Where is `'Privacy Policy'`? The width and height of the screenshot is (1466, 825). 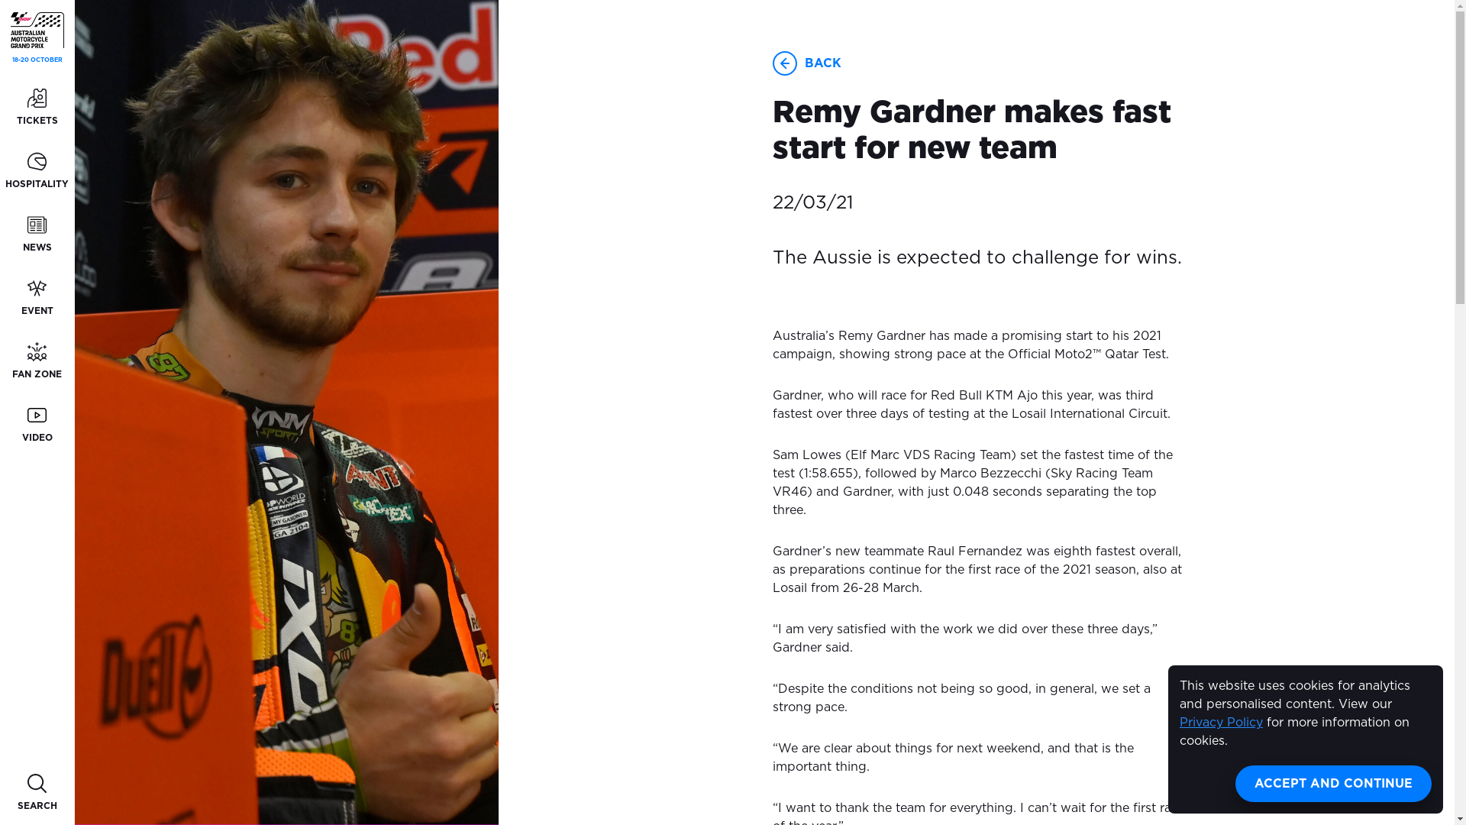
'Privacy Policy' is located at coordinates (1179, 722).